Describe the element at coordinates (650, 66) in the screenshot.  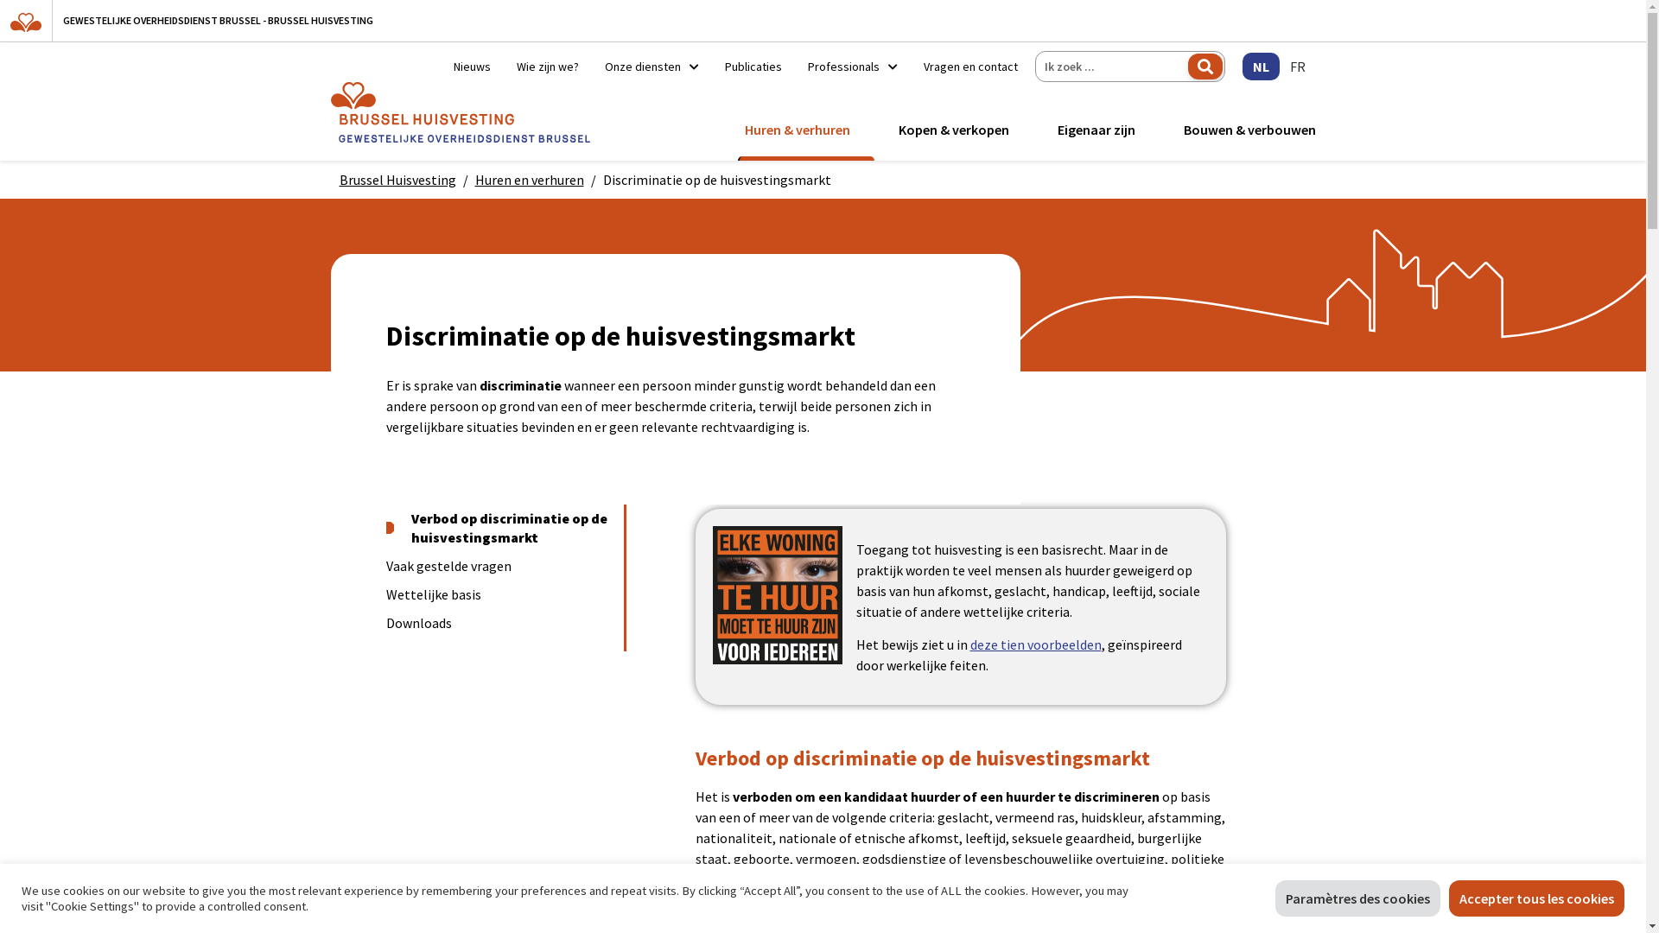
I see `'Onze diensten'` at that location.